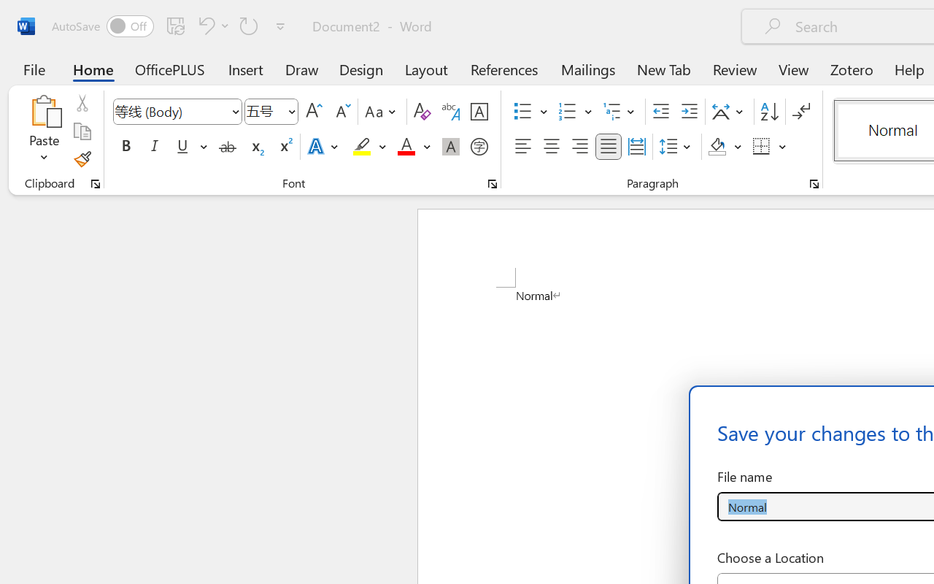 The height and width of the screenshot is (584, 934). I want to click on 'Draw', so click(301, 69).